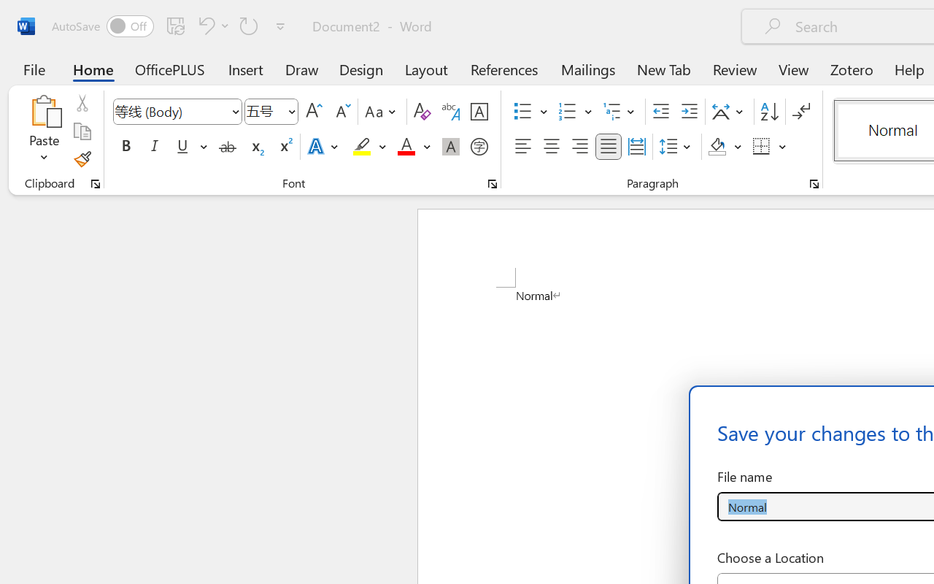 The height and width of the screenshot is (584, 934). I want to click on 'Draw', so click(301, 69).